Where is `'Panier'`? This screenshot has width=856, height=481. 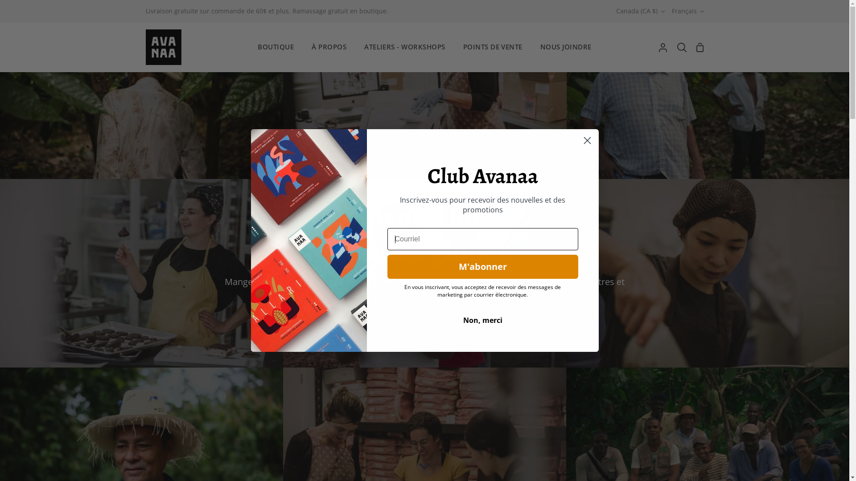
'Panier' is located at coordinates (699, 47).